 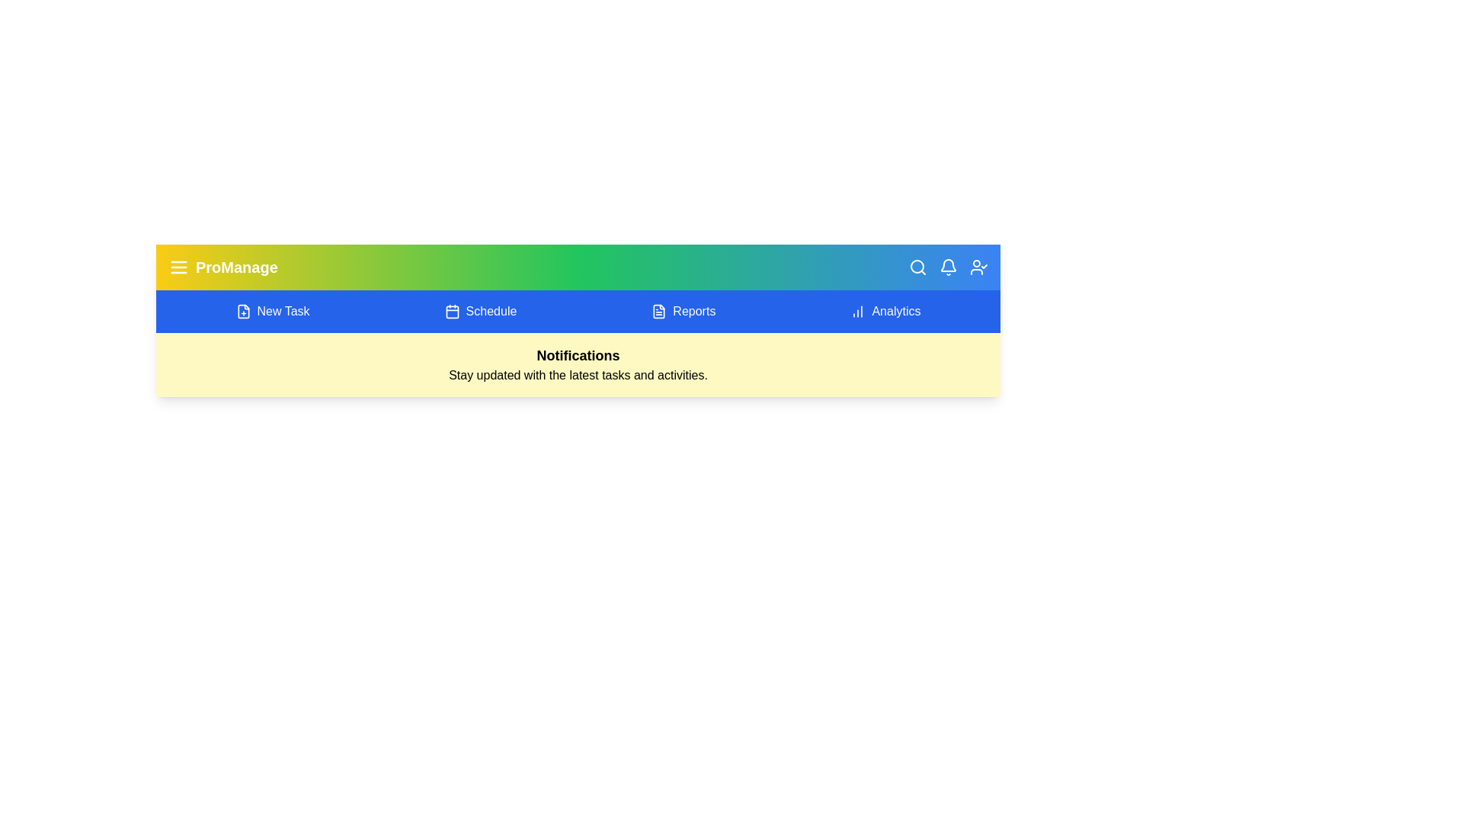 I want to click on the user profile icon, so click(x=979, y=267).